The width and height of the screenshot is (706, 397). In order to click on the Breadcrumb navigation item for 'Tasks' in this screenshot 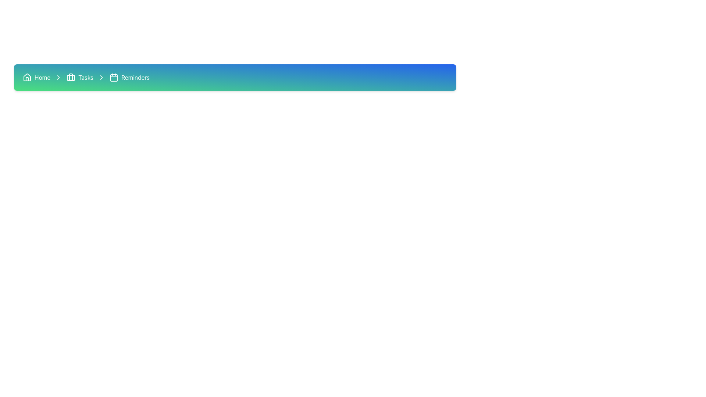, I will do `click(80, 78)`.